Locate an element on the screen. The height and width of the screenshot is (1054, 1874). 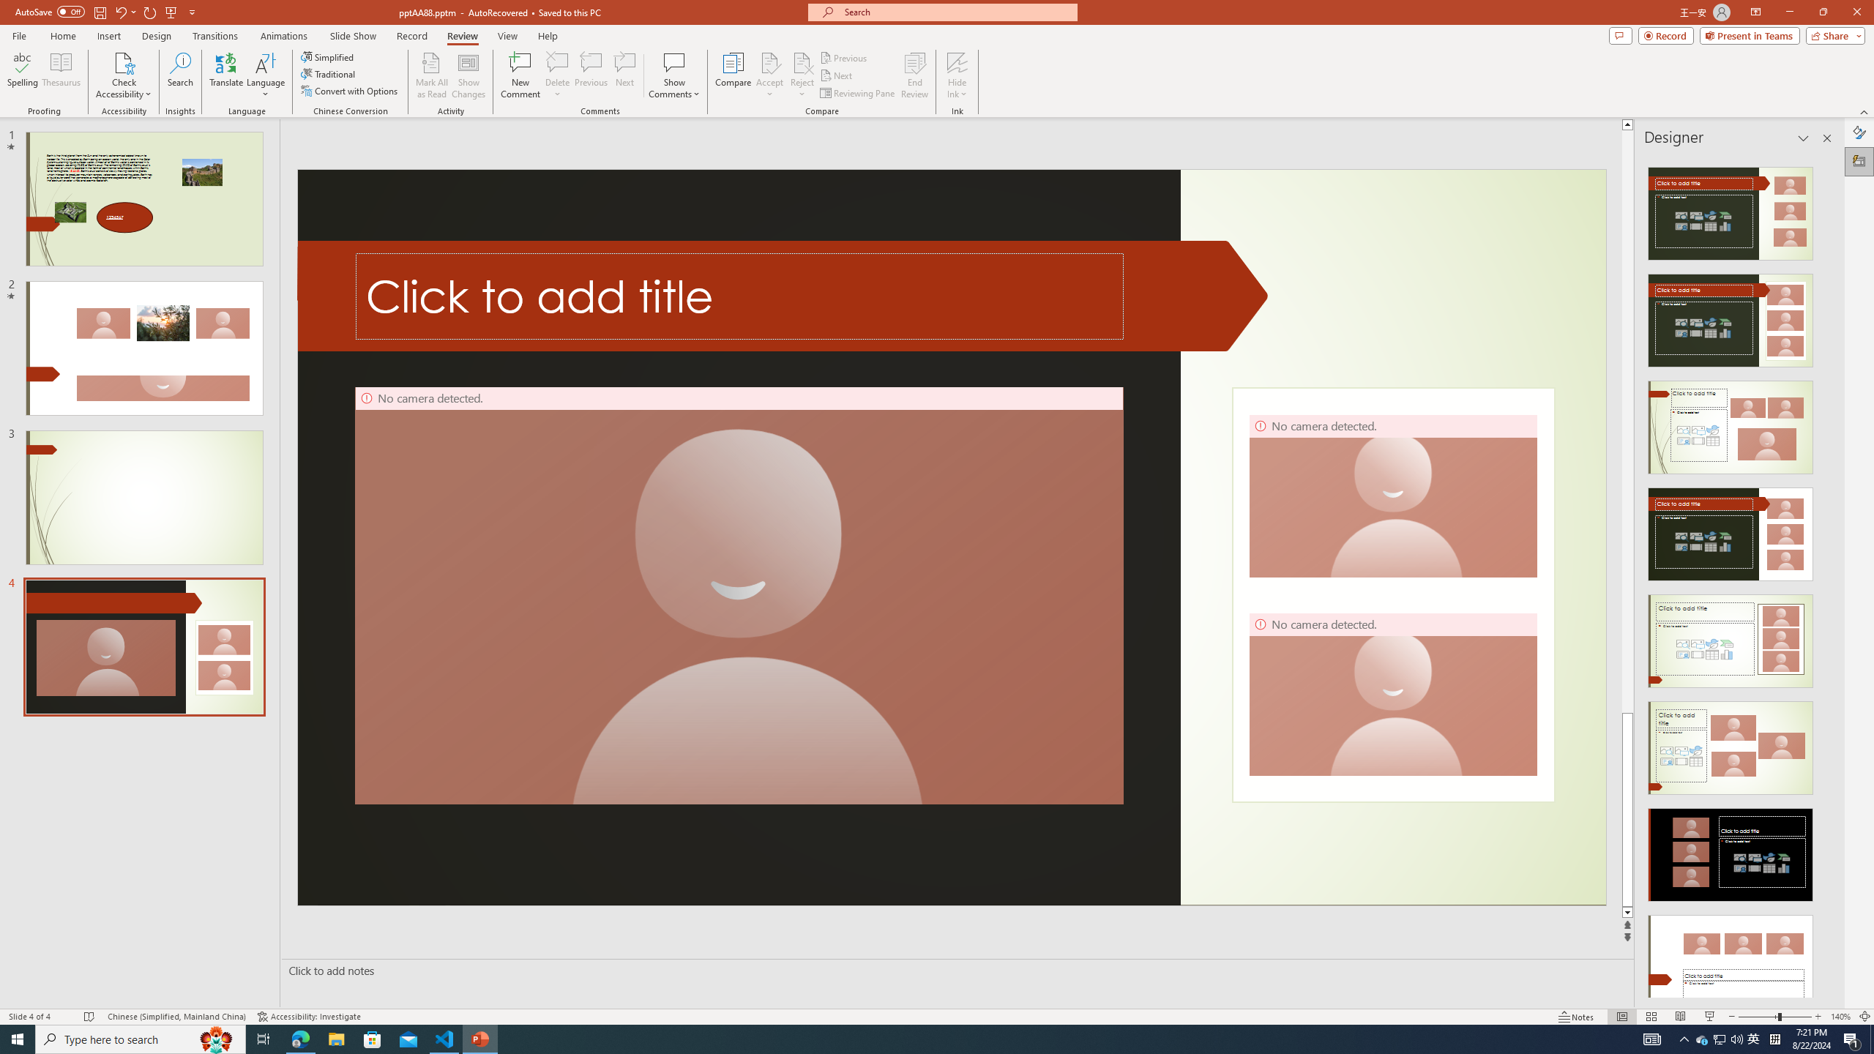
'Hide Ink' is located at coordinates (957, 61).